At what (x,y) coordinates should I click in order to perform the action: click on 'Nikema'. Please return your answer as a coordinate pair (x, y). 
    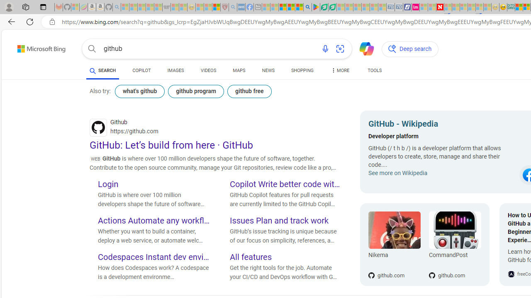
    Looking at the image, I should click on (394, 230).